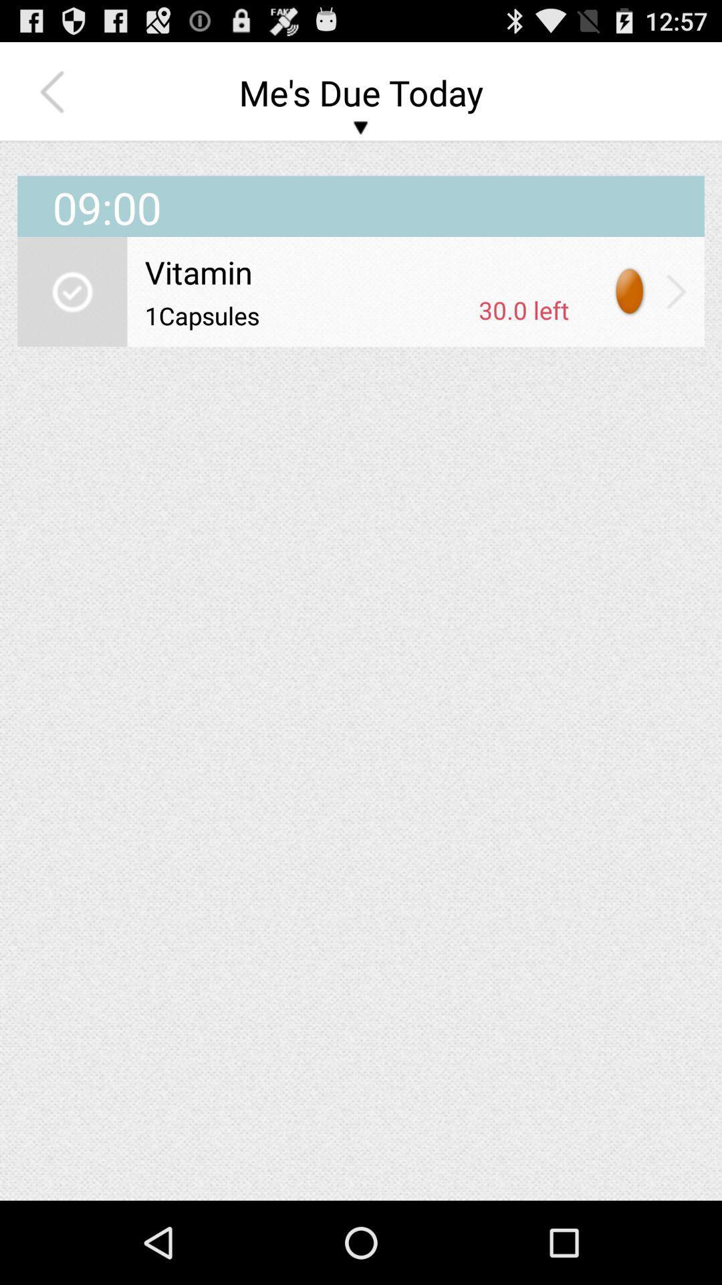 The width and height of the screenshot is (722, 1285). What do you see at coordinates (307, 315) in the screenshot?
I see `the icon below the vitamin` at bounding box center [307, 315].